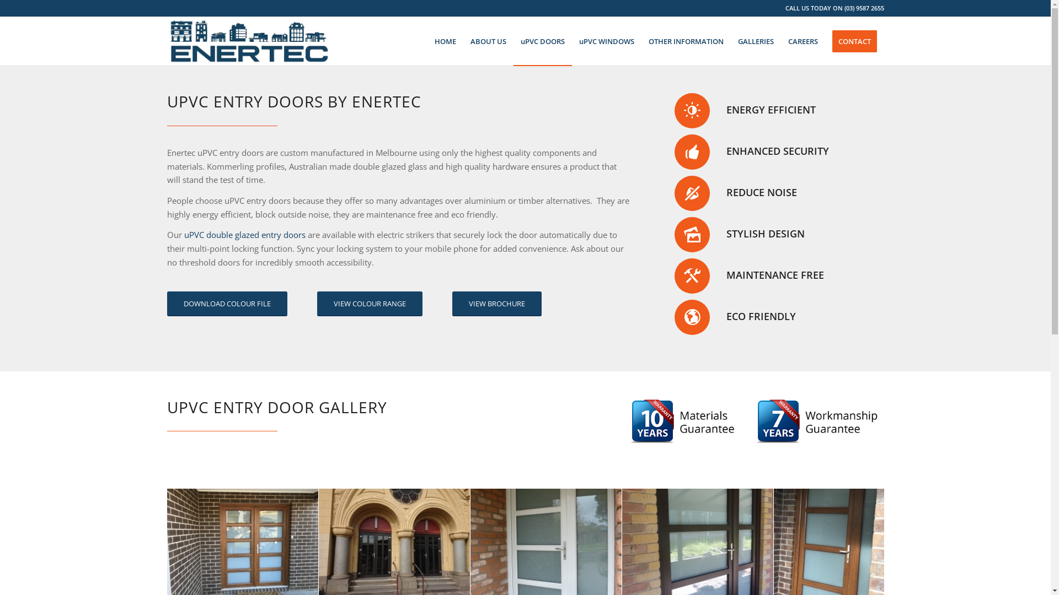  What do you see at coordinates (488, 40) in the screenshot?
I see `'ABOUT US'` at bounding box center [488, 40].